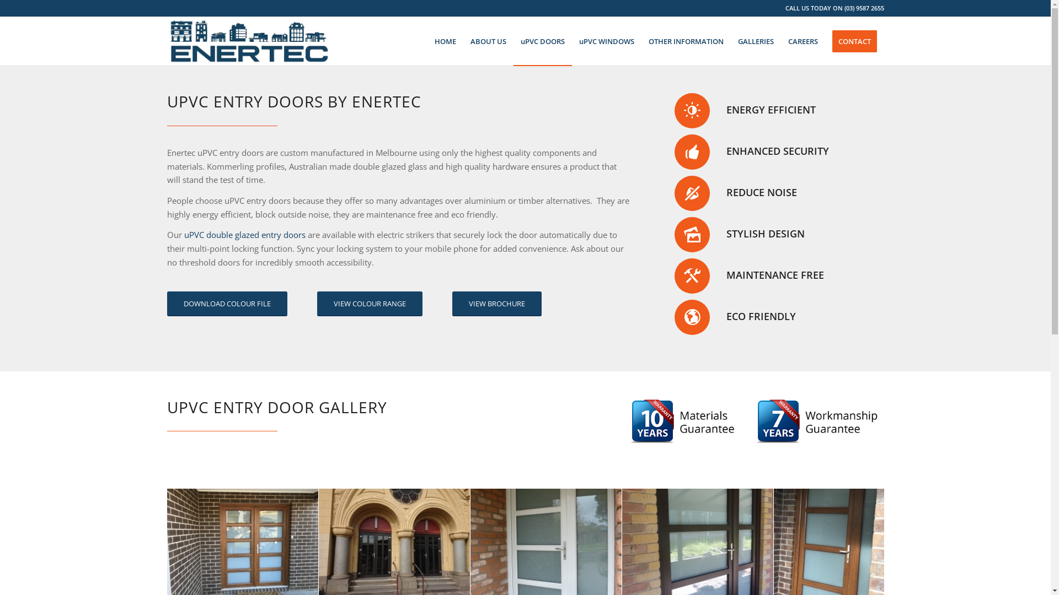  What do you see at coordinates (488, 40) in the screenshot?
I see `'ABOUT US'` at bounding box center [488, 40].